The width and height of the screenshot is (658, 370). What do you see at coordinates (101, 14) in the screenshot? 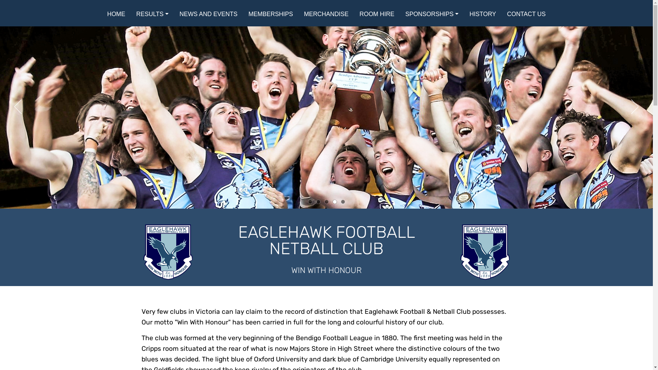
I see `'HOME'` at bounding box center [101, 14].